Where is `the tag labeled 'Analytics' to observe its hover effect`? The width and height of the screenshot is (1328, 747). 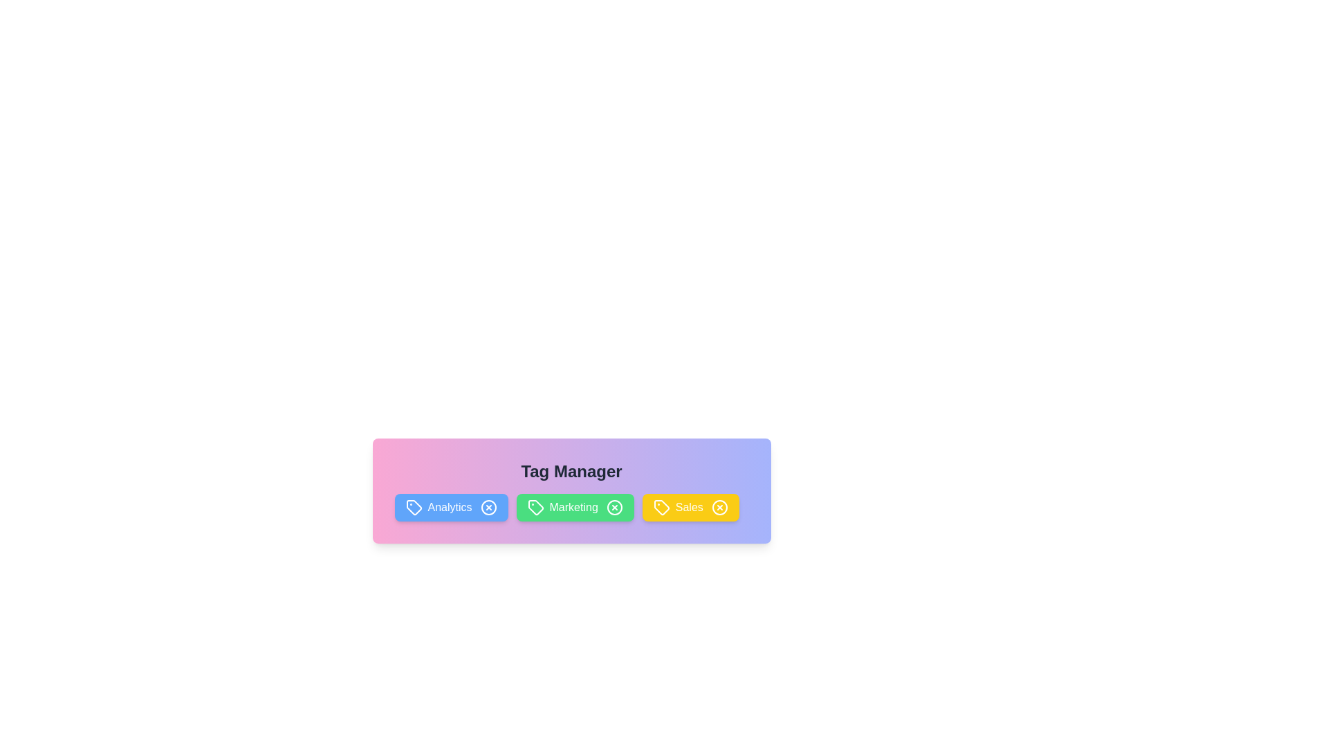 the tag labeled 'Analytics' to observe its hover effect is located at coordinates (451, 507).